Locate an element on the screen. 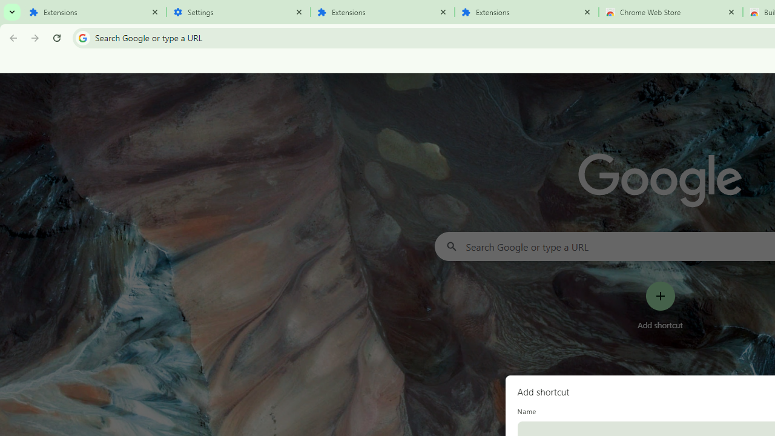  'Back' is located at coordinates (12, 37).